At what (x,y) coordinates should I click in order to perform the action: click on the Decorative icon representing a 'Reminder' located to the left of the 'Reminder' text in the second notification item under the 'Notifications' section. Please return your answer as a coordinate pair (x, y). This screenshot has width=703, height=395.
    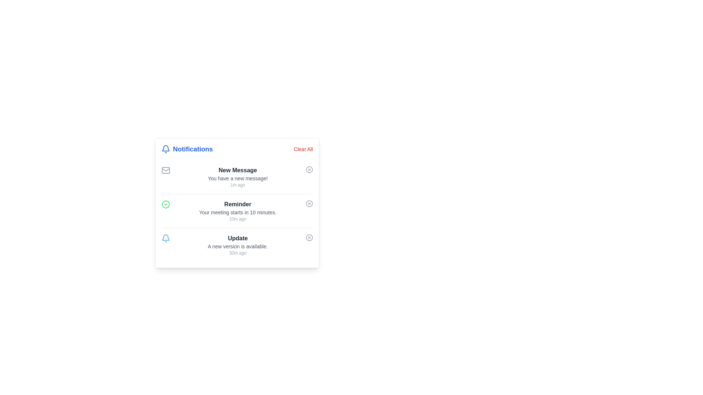
    Looking at the image, I should click on (165, 204).